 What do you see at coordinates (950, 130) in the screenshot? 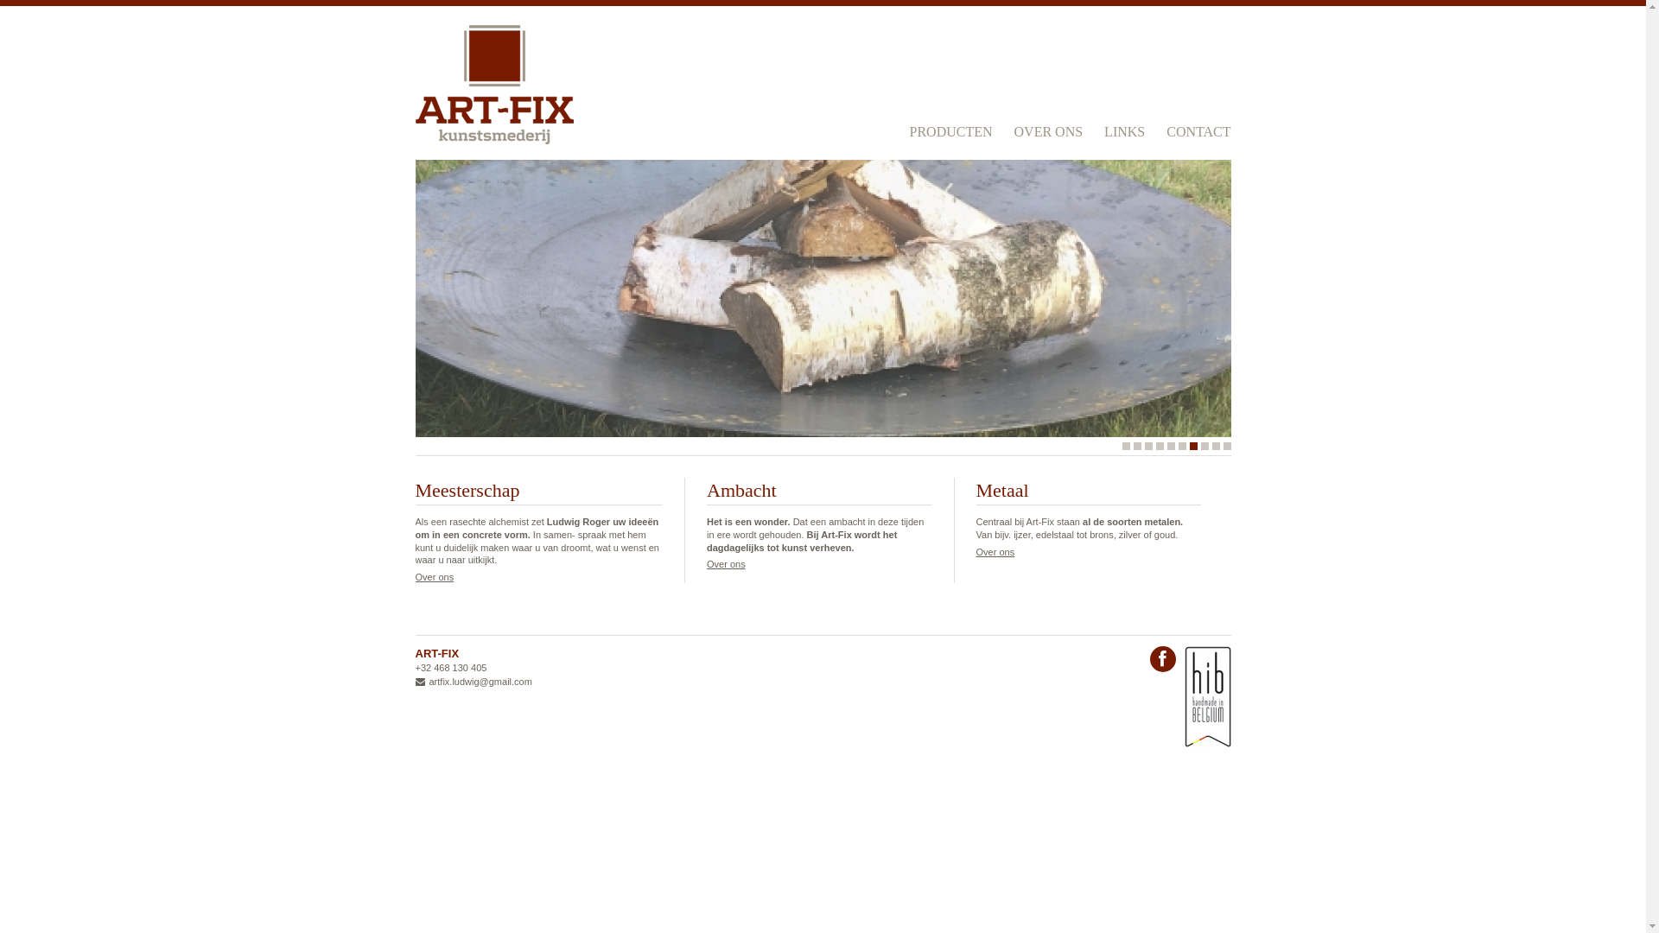
I see `'PRODUCTEN'` at bounding box center [950, 130].